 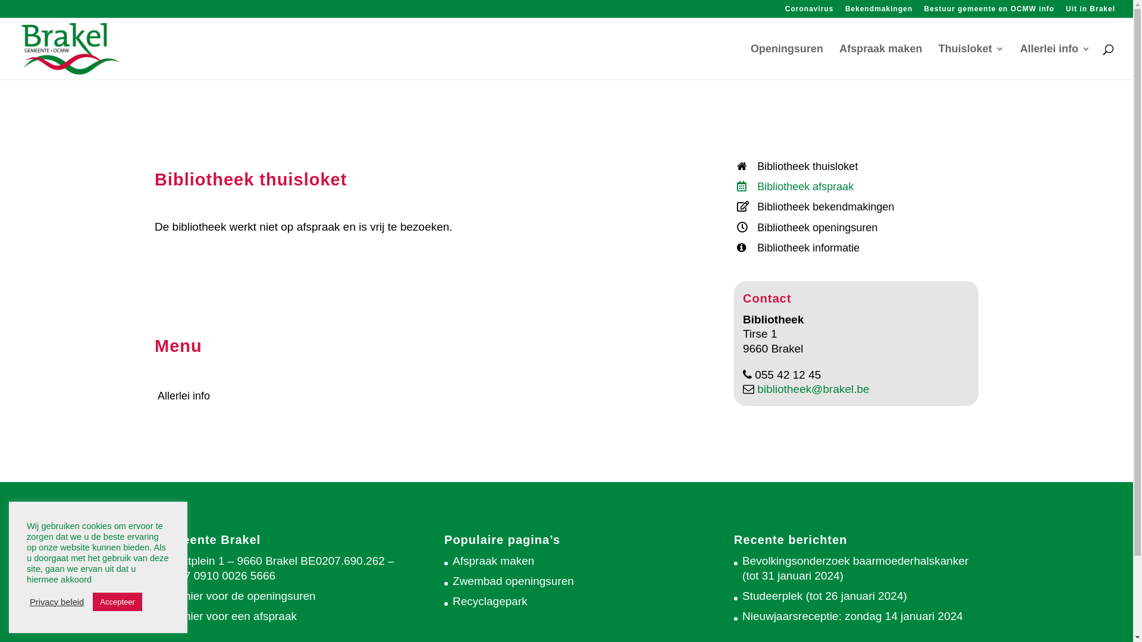 What do you see at coordinates (989, 11) in the screenshot?
I see `'Bestuur gemeente en OCMW info'` at bounding box center [989, 11].